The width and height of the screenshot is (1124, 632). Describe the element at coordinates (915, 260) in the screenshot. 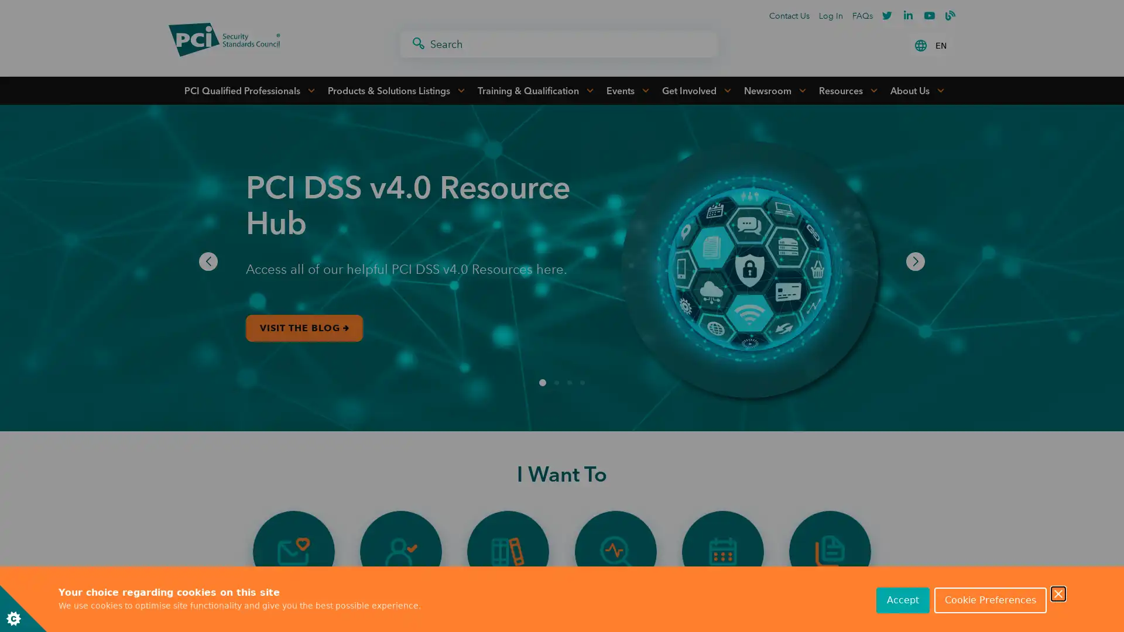

I see `Next slide` at that location.